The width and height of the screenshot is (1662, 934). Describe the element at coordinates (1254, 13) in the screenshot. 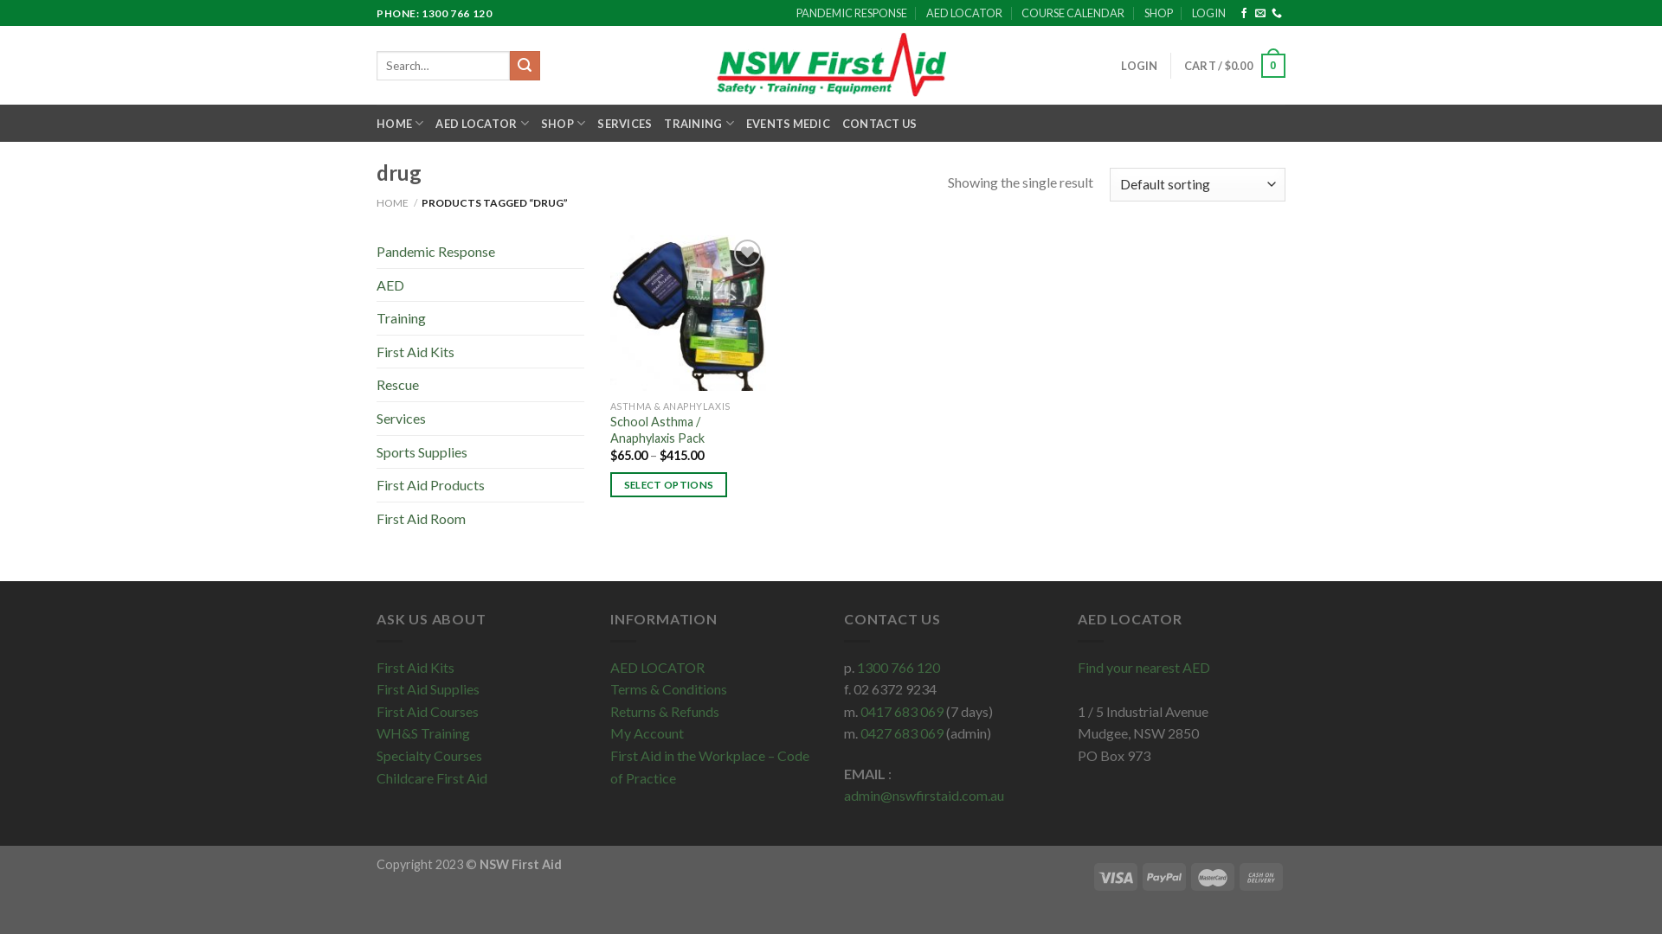

I see `'Send us an email'` at that location.